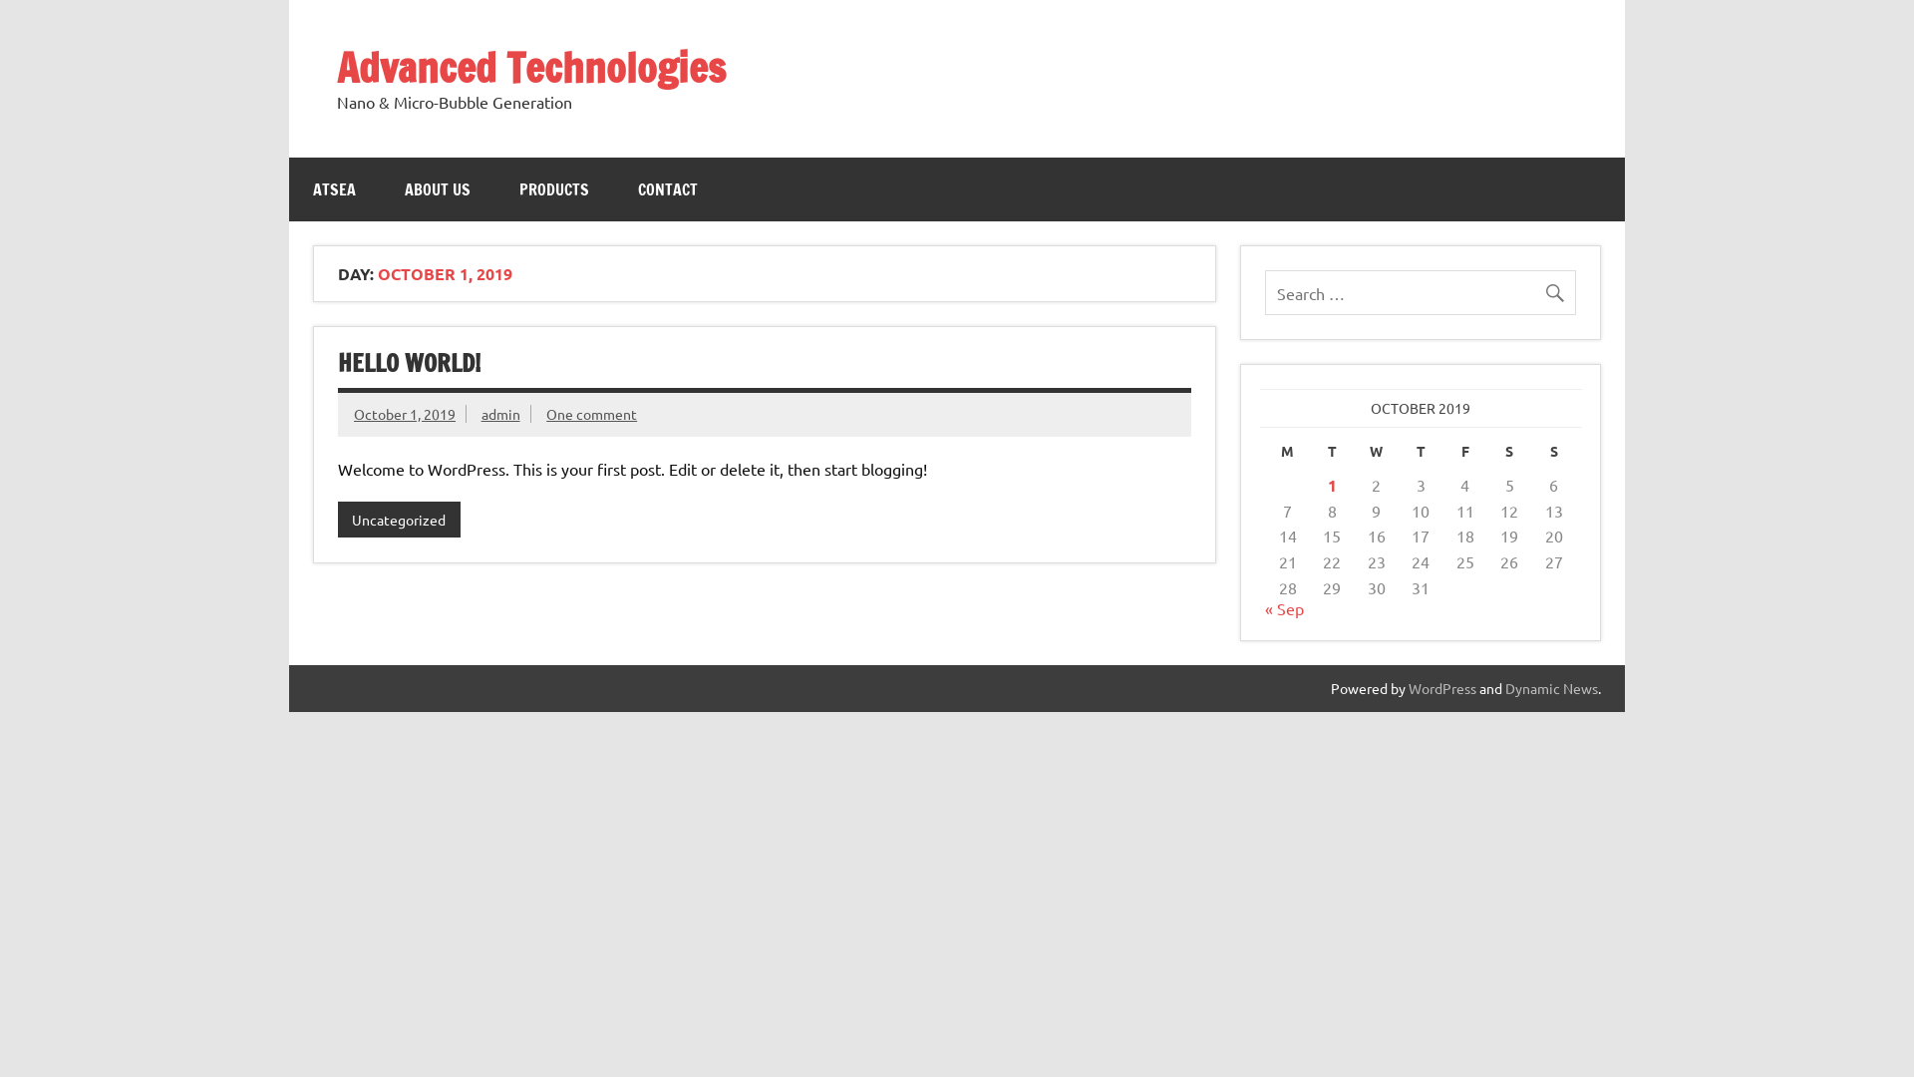  What do you see at coordinates (334, 188) in the screenshot?
I see `'ATSEA'` at bounding box center [334, 188].